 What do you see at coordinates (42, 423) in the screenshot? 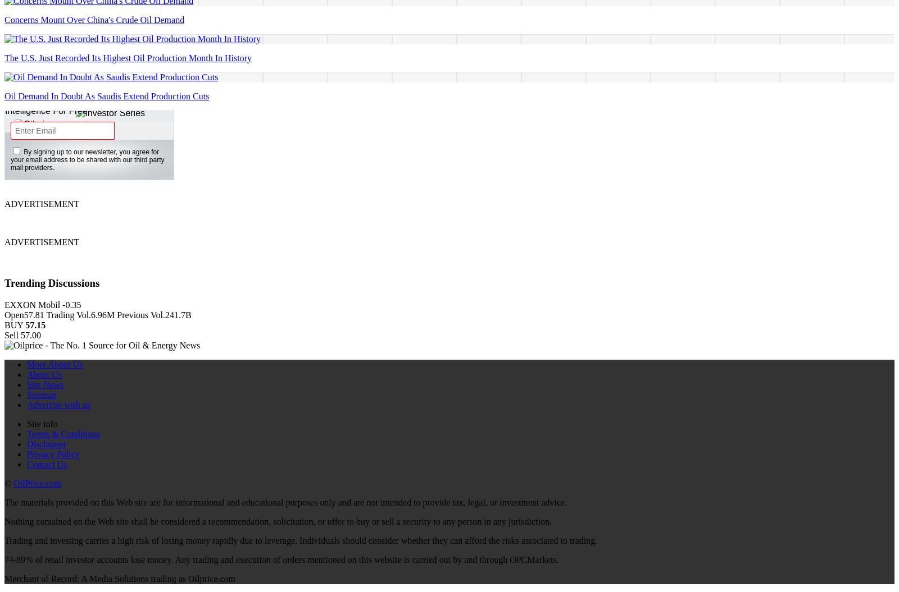
I see `'Site info'` at bounding box center [42, 423].